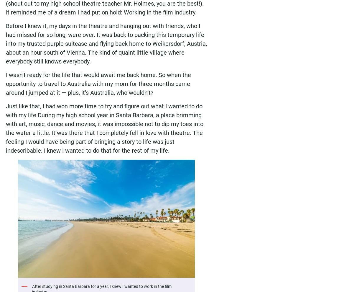 Image resolution: width=339 pixels, height=292 pixels. I want to click on 'Privacy Policy', so click(284, 265).